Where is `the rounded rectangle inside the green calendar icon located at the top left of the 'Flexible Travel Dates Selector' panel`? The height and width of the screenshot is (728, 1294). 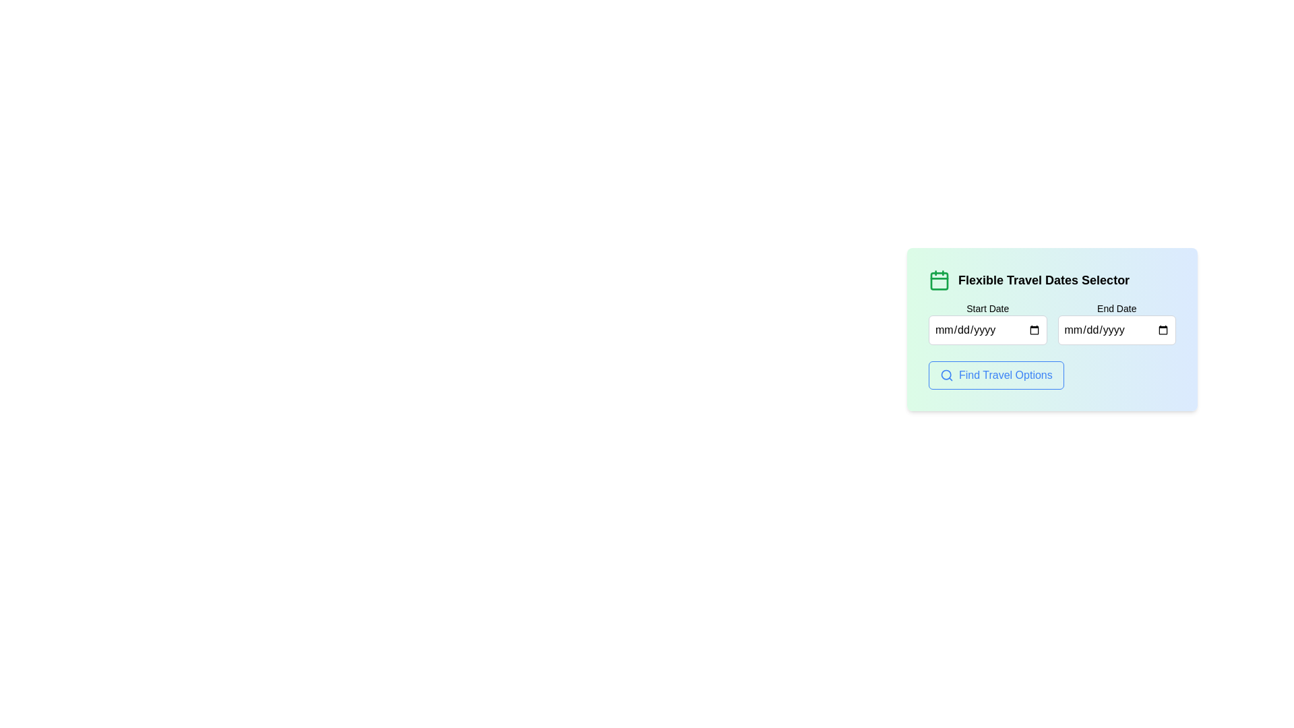 the rounded rectangle inside the green calendar icon located at the top left of the 'Flexible Travel Dates Selector' panel is located at coordinates (938, 280).